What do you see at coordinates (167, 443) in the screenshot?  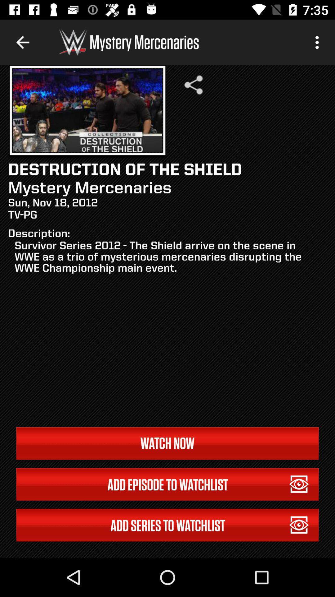 I see `watch now` at bounding box center [167, 443].